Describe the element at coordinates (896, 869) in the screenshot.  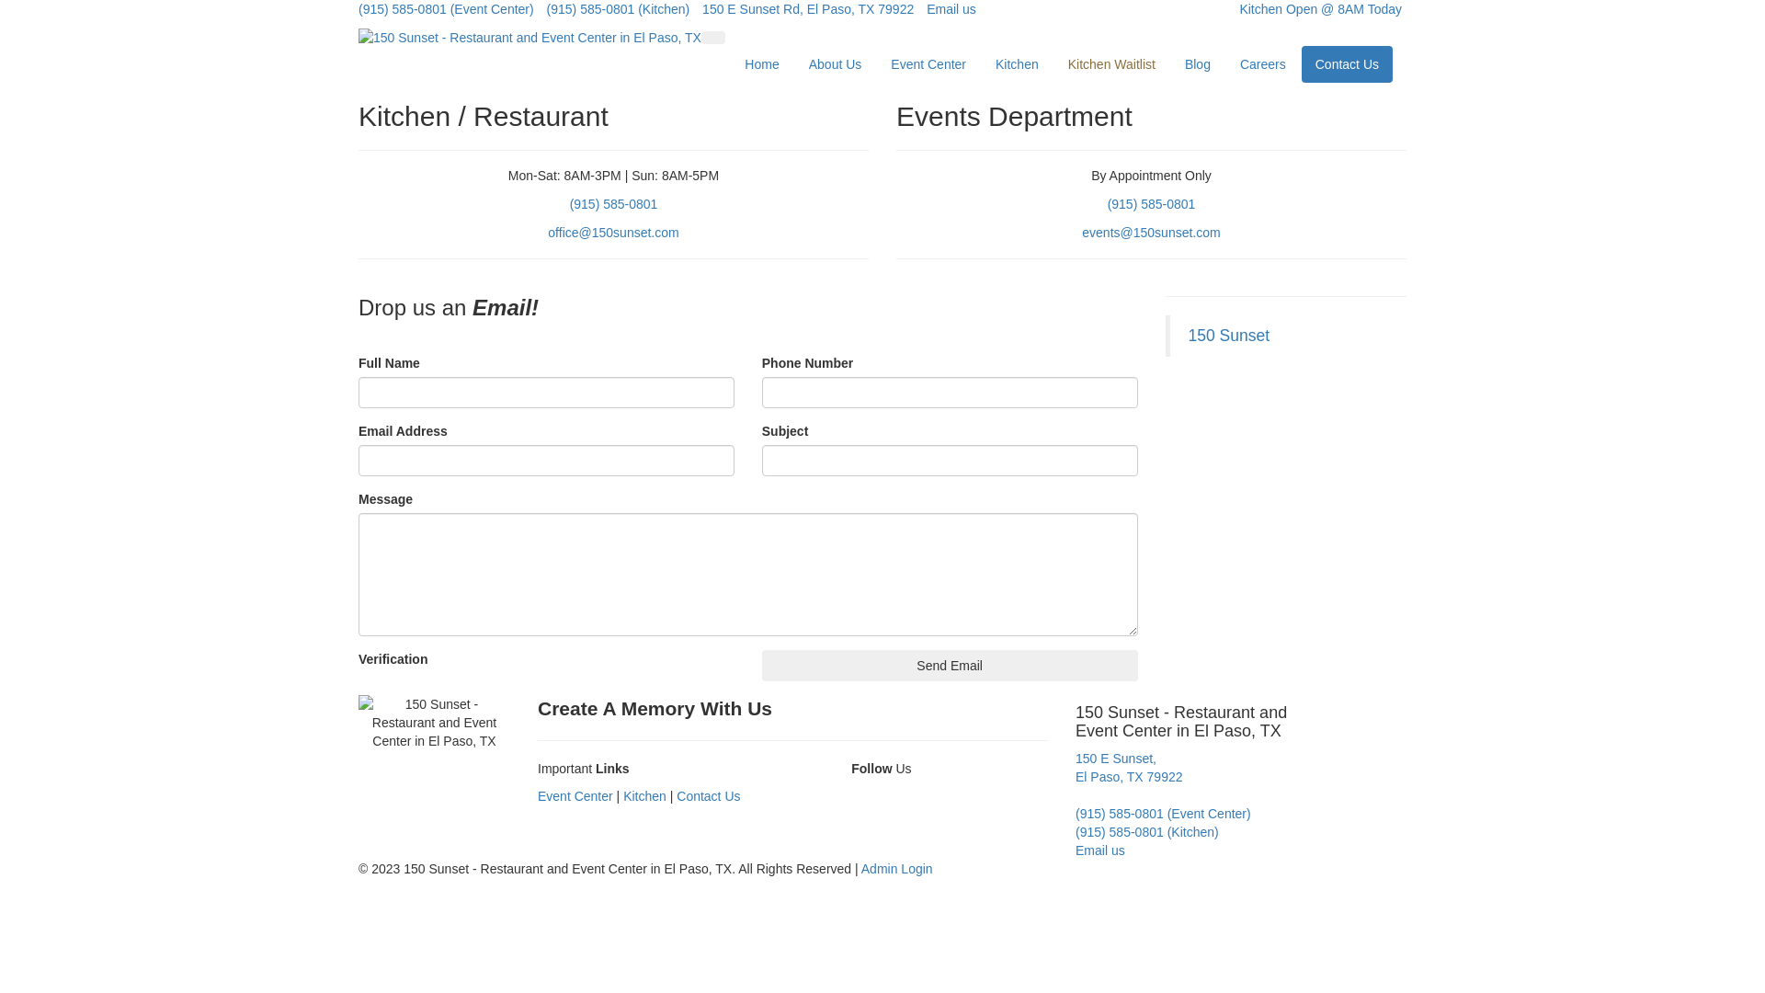
I see `'Admin Login'` at that location.